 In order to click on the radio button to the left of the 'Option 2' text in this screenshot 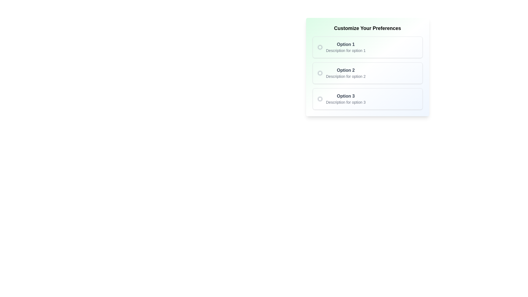, I will do `click(320, 73)`.